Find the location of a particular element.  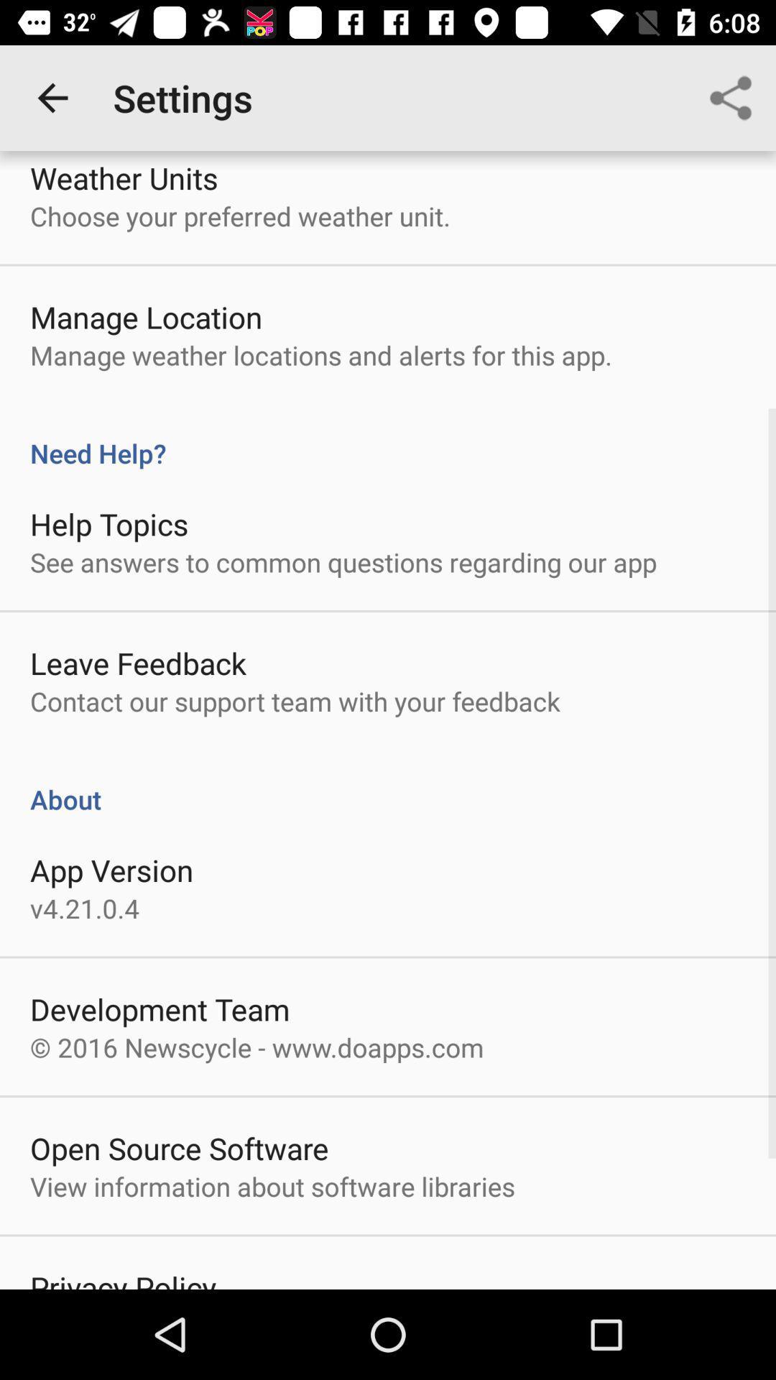

see answers to is located at coordinates (343, 561).